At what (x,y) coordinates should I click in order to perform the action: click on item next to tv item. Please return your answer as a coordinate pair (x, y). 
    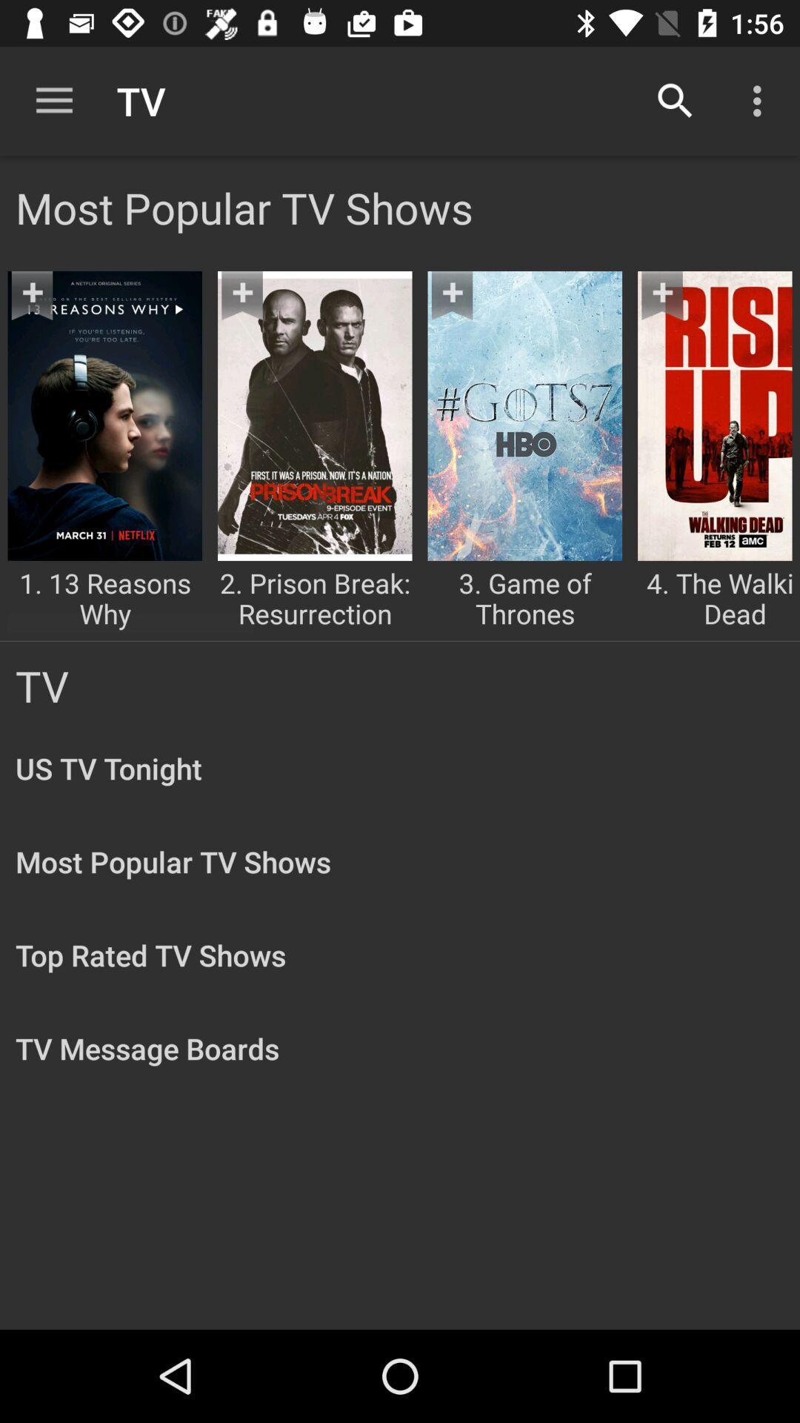
    Looking at the image, I should click on (675, 100).